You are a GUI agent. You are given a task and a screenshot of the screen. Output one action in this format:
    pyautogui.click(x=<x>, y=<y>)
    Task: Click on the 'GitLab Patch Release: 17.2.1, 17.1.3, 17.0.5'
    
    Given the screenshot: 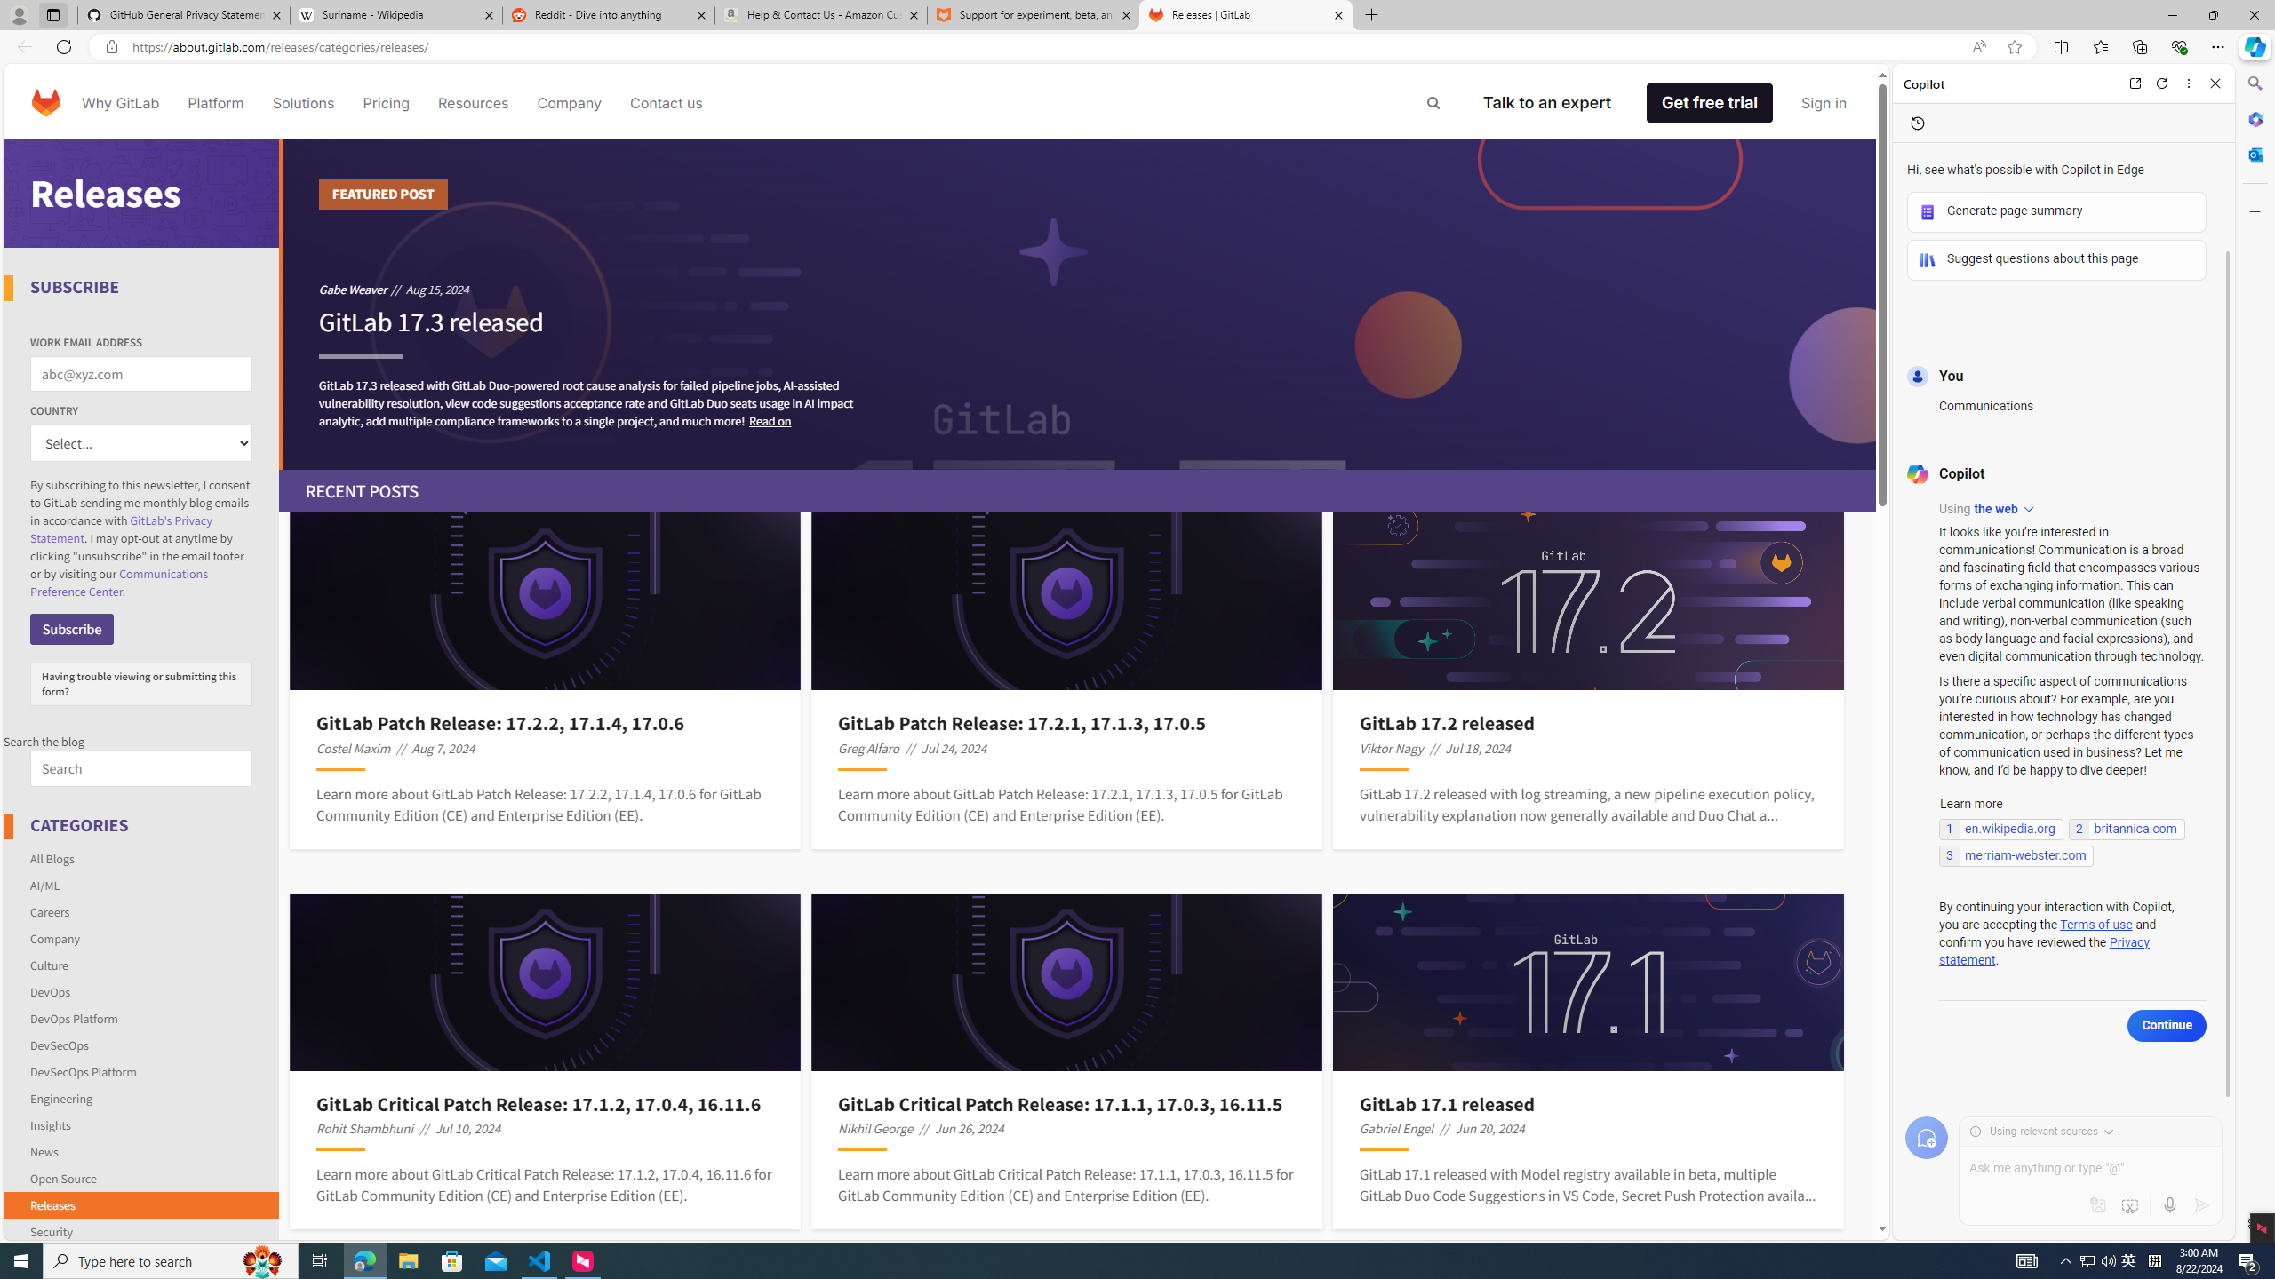 What is the action you would take?
    pyautogui.click(x=1066, y=724)
    